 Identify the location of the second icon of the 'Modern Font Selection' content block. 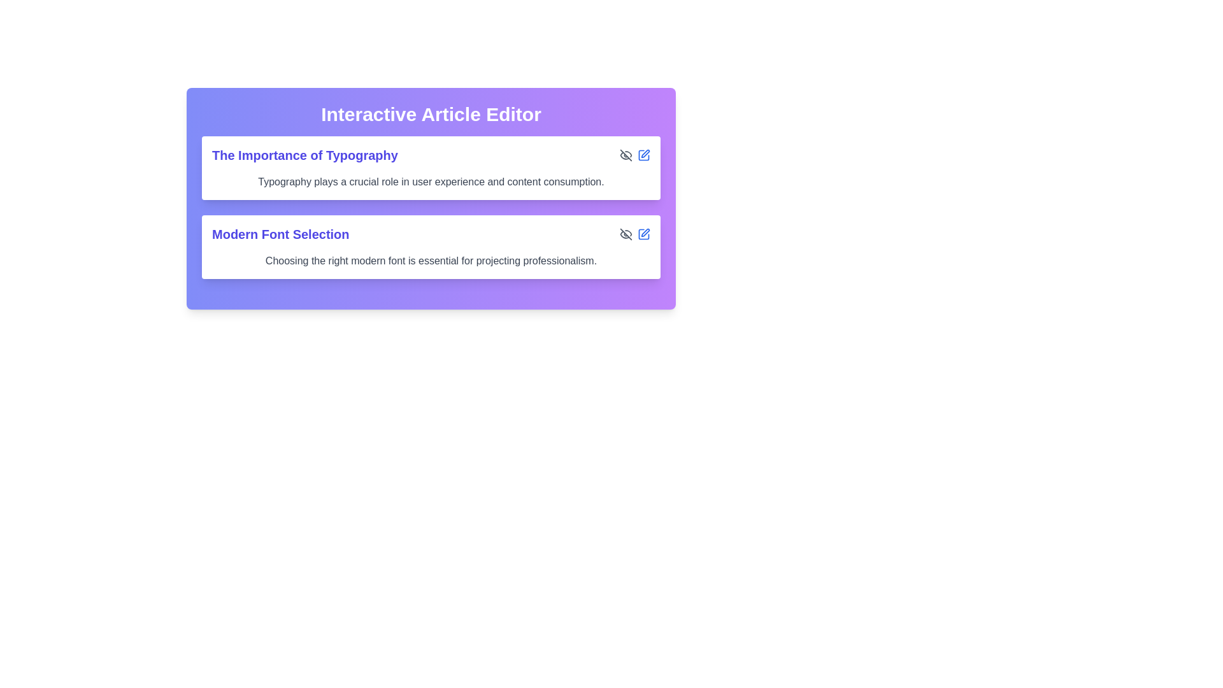
(644, 234).